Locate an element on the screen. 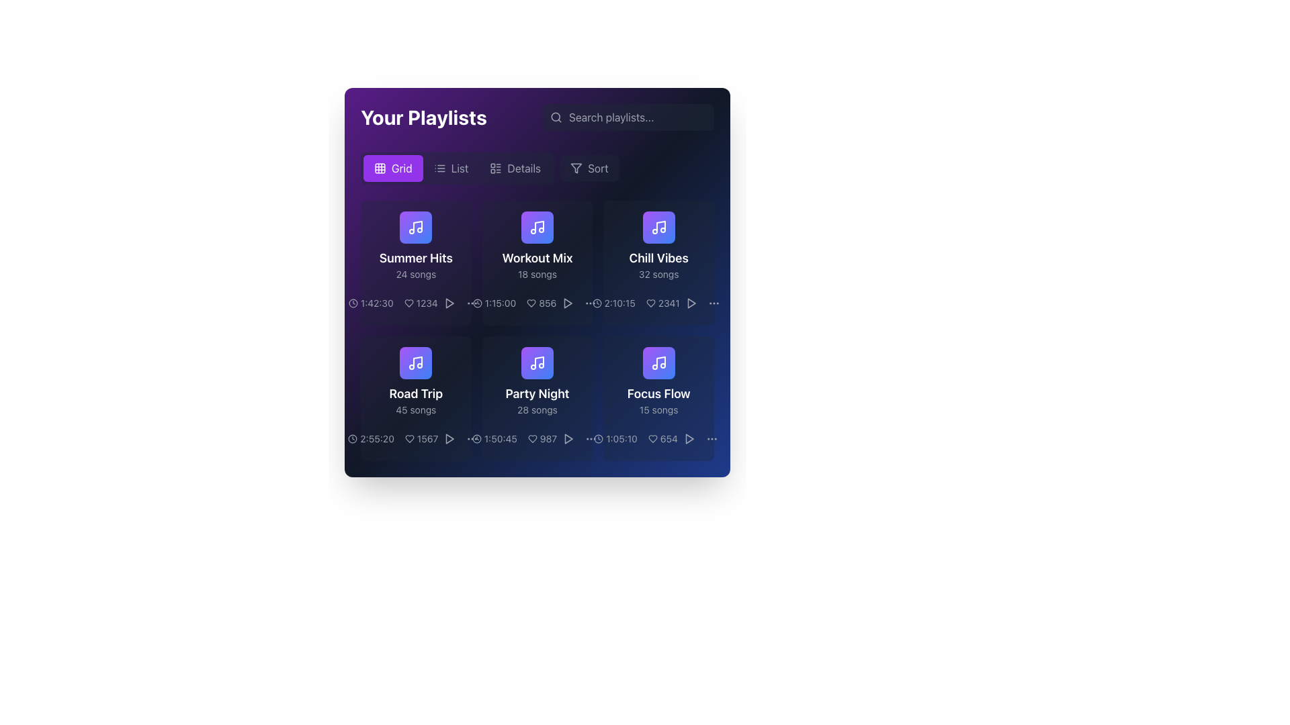 The width and height of the screenshot is (1290, 725). the triangular play icon button located in the first playlist card under the 'Summer Hits' title, adjacent to the text '1234' is located at coordinates (449, 303).